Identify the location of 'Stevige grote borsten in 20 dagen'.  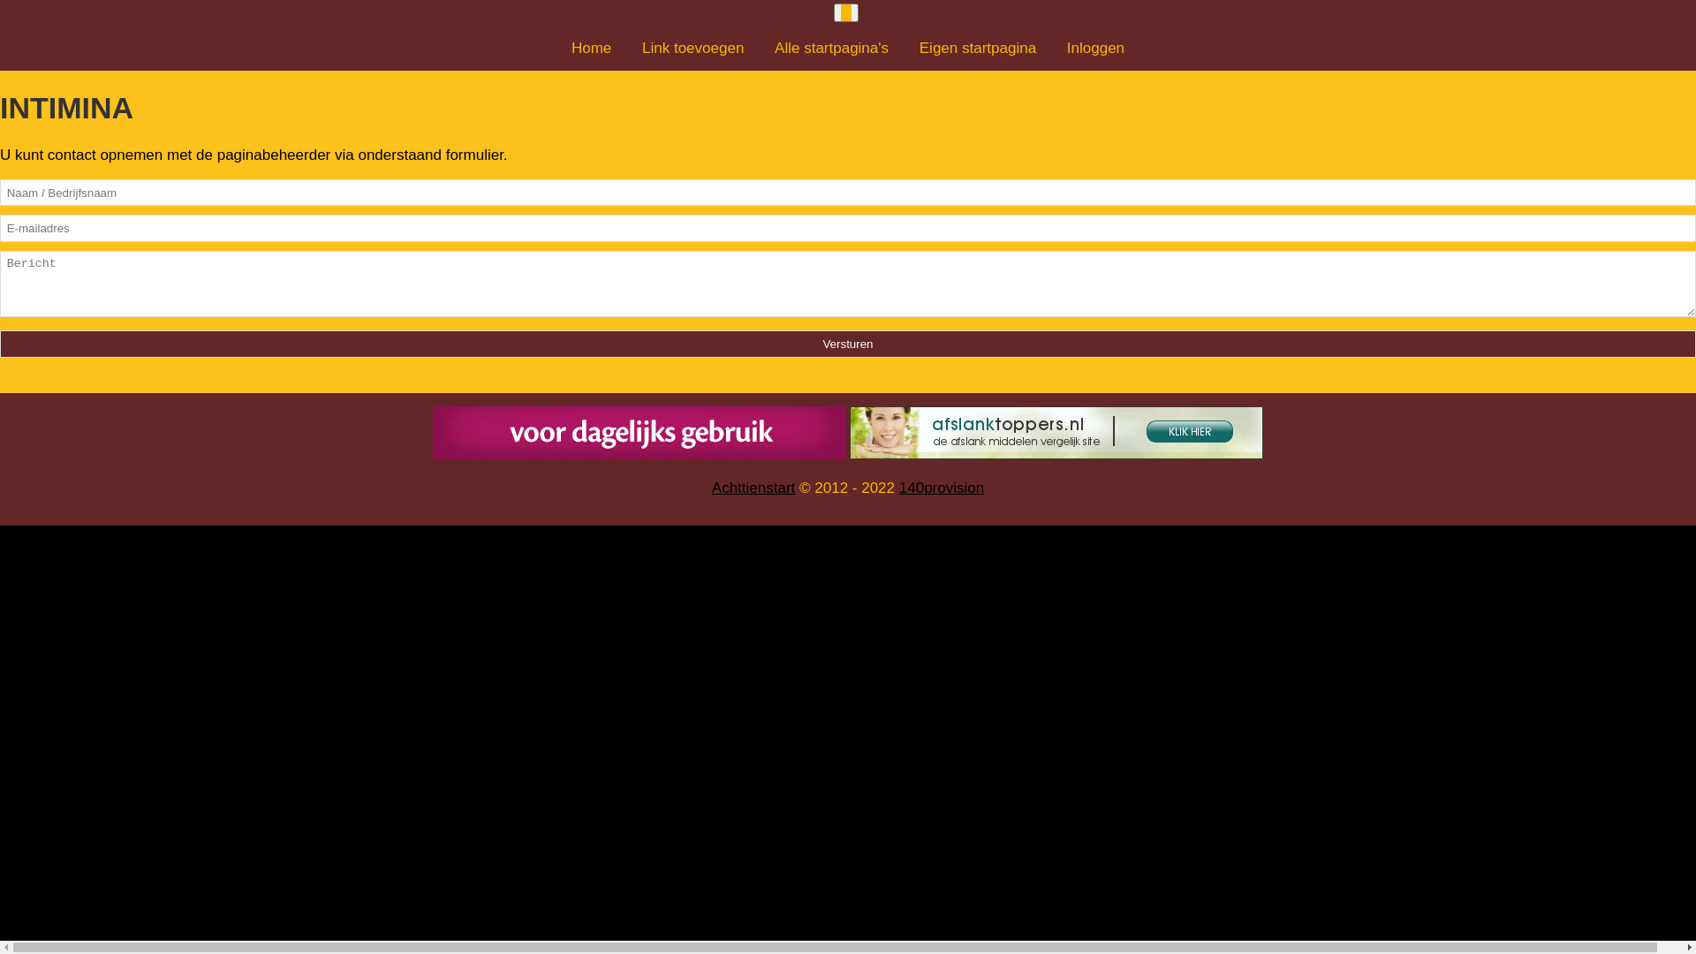
(639, 432).